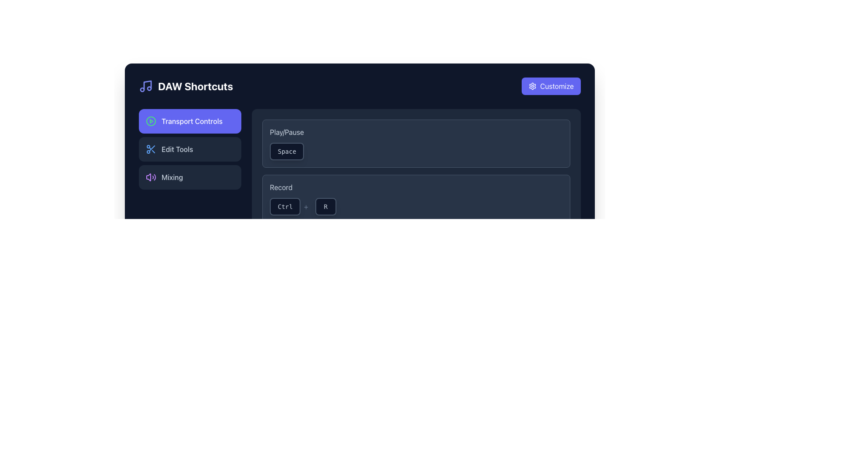 The width and height of the screenshot is (841, 473). What do you see at coordinates (287, 151) in the screenshot?
I see `the 'Space' button in the 'Play/Pause' section` at bounding box center [287, 151].